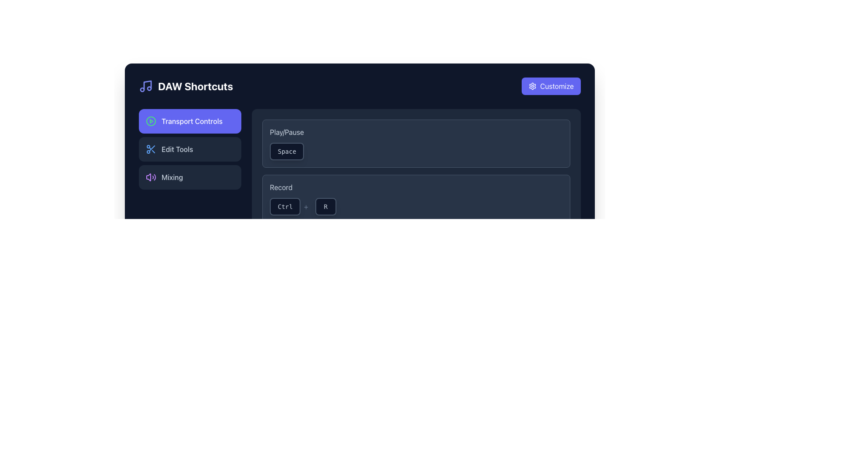 The width and height of the screenshot is (841, 473). What do you see at coordinates (287, 151) in the screenshot?
I see `the 'Space' button in the 'Play/Pause' section` at bounding box center [287, 151].